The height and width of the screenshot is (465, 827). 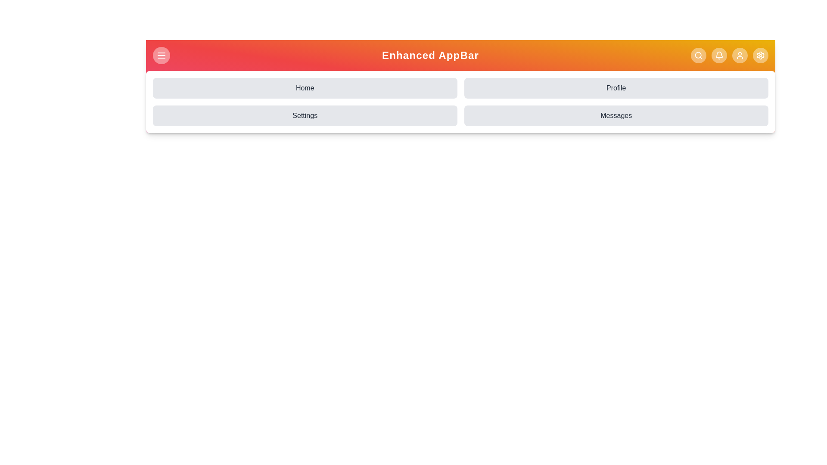 I want to click on the menu option Home, so click(x=305, y=88).